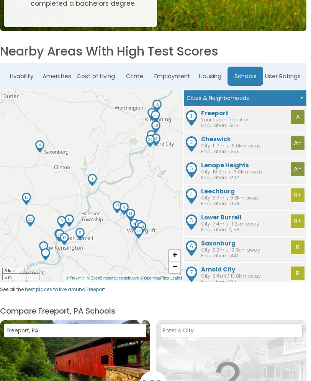  I want to click on 'Leaflet', so click(175, 278).